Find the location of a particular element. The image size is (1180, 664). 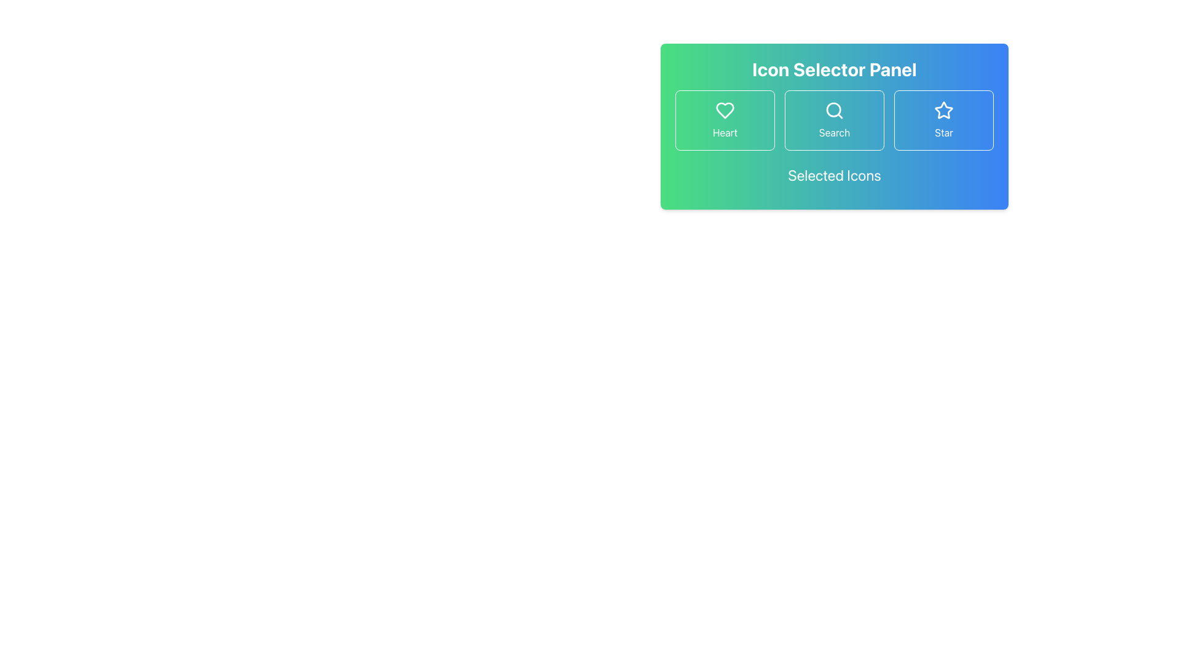

the Text Label located at the bottom of the Icon Selector Panel, directly beneath the Search icon, to indicate the section for selected icons or their details is located at coordinates (835, 175).